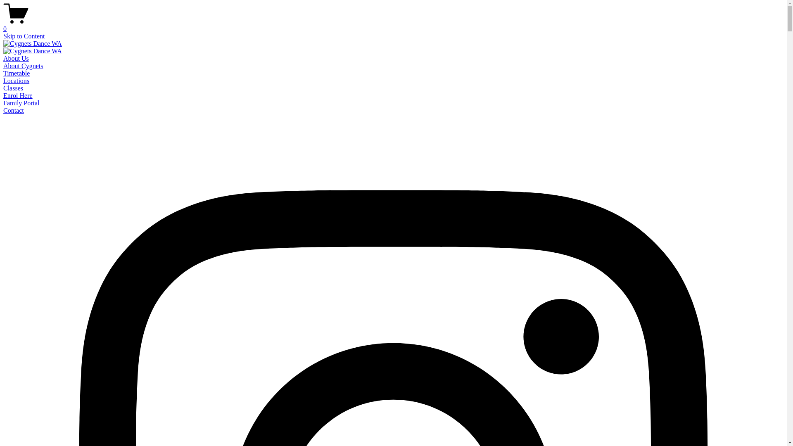  I want to click on 'About Us', so click(3, 58).